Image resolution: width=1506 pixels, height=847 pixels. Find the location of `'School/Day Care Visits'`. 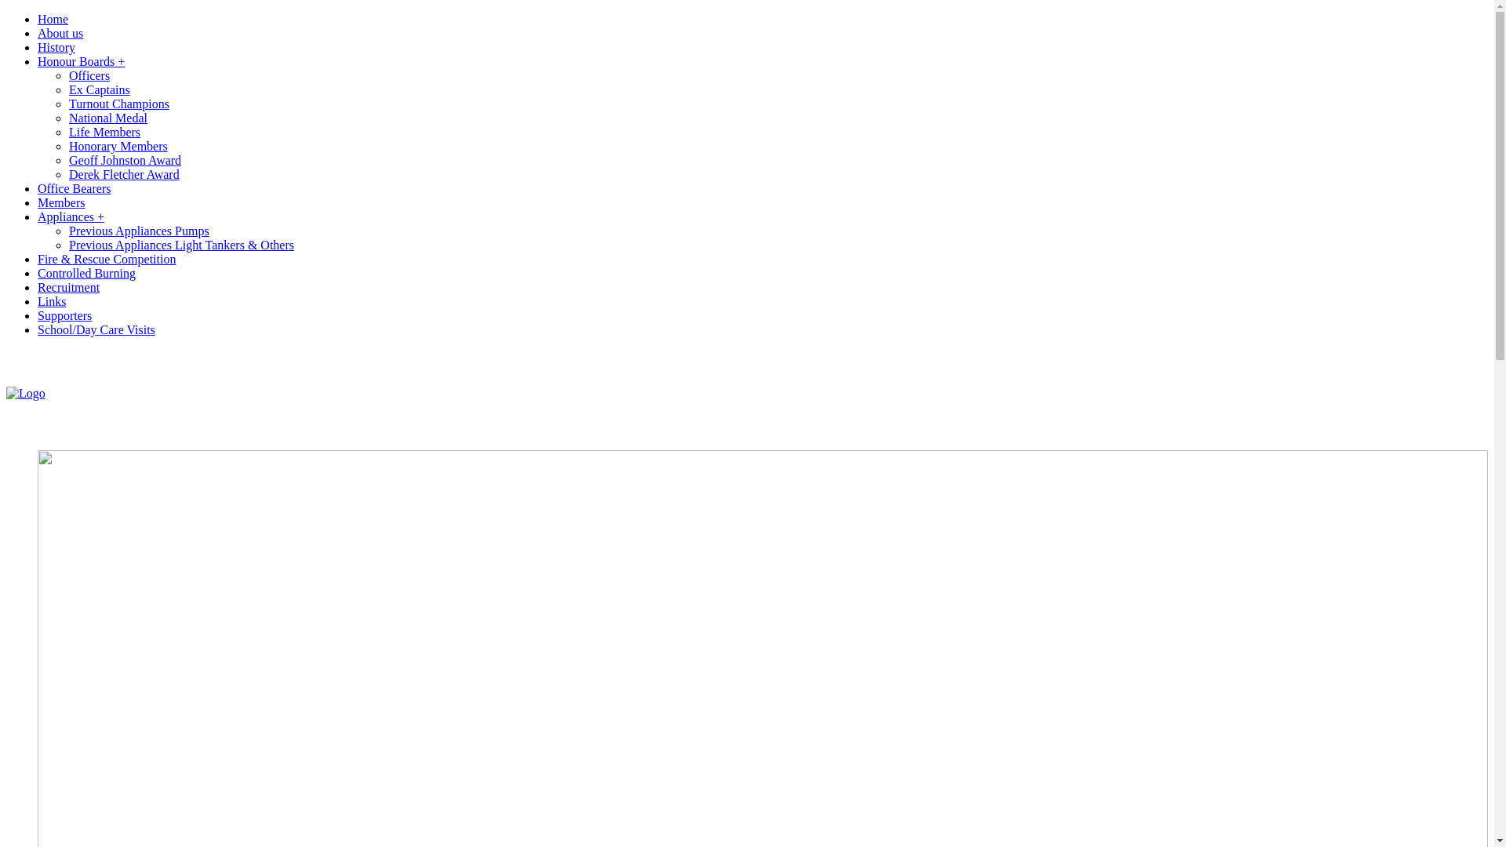

'School/Day Care Visits' is located at coordinates (38, 329).